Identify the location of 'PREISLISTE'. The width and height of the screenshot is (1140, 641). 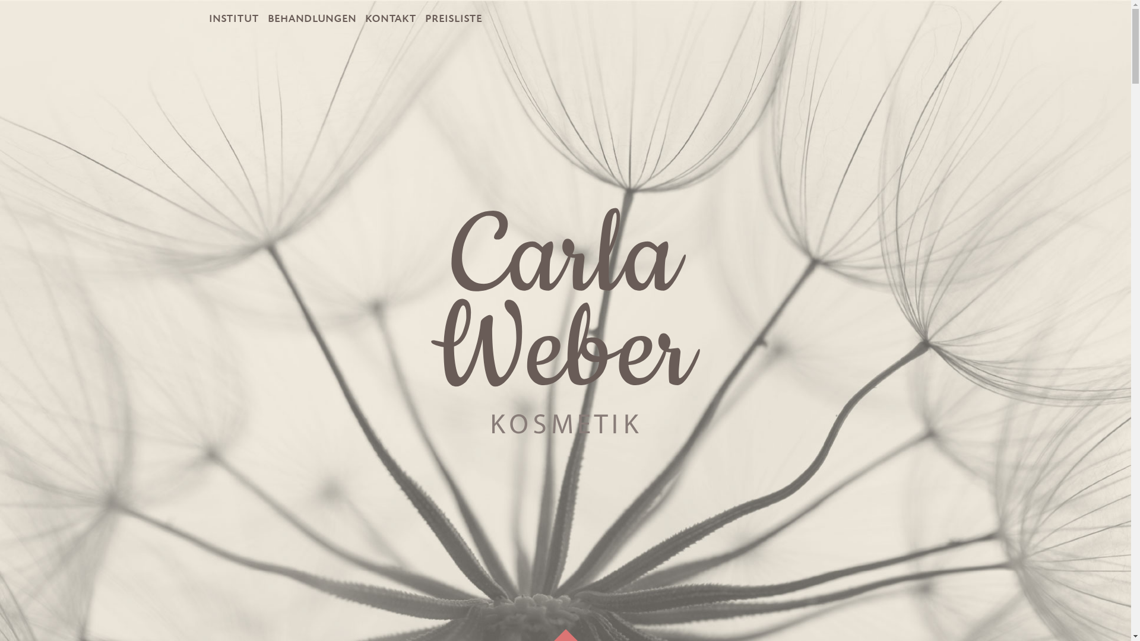
(452, 20).